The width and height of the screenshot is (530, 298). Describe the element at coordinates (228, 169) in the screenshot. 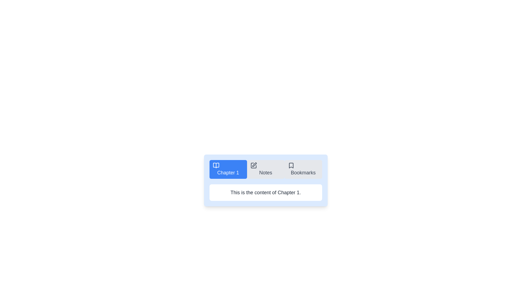

I see `the Chapter 1 tab by clicking on its button` at that location.